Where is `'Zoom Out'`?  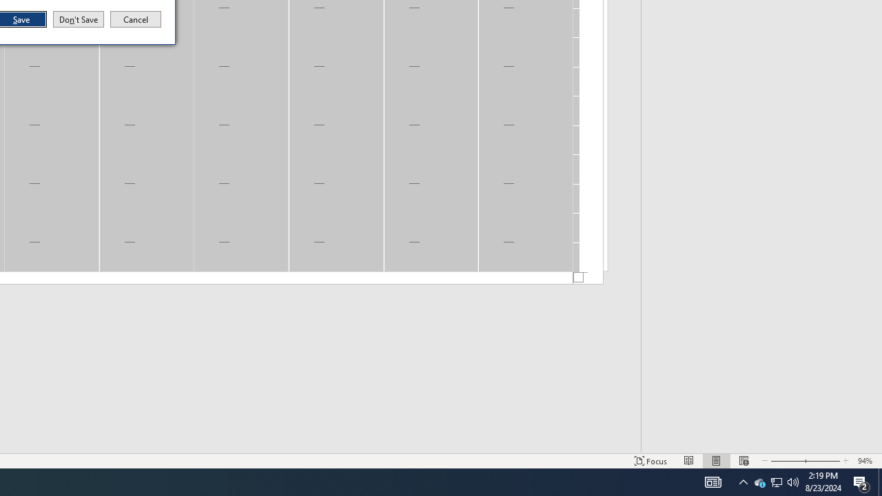
'Zoom Out' is located at coordinates (786, 461).